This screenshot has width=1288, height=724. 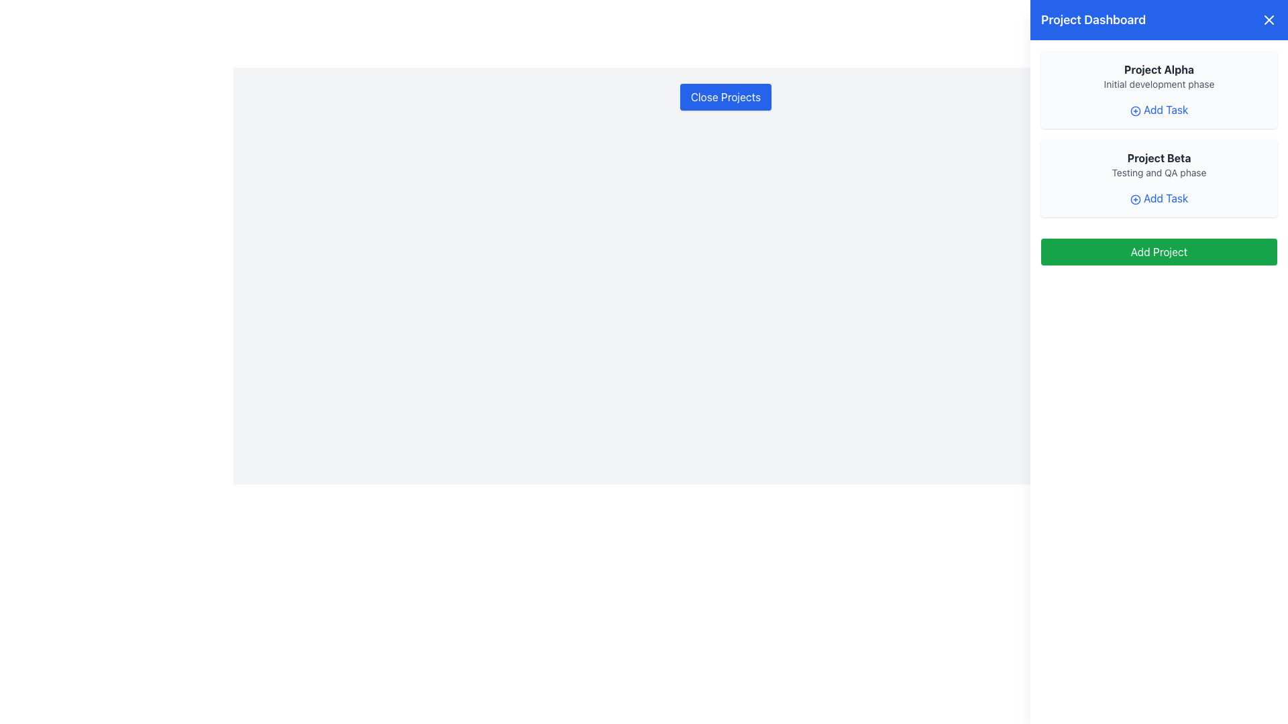 I want to click on the button located at the bottom of the Project Dashboard panel, so click(x=1159, y=251).